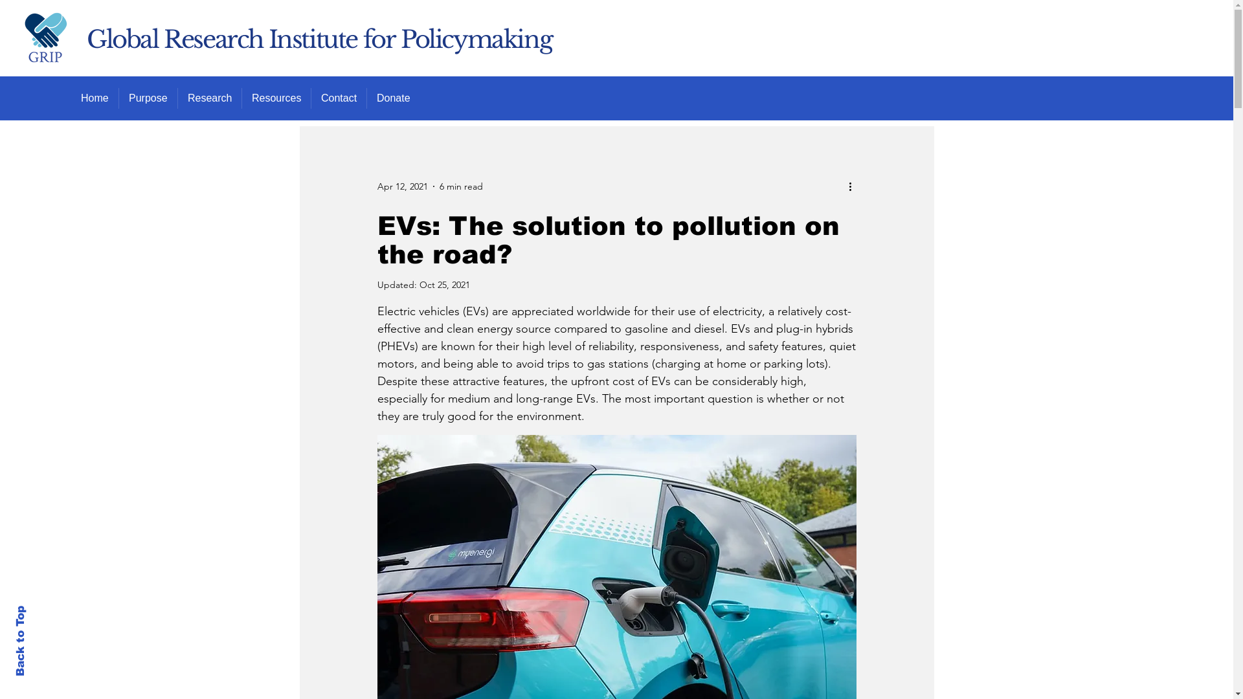 Image resolution: width=1243 pixels, height=699 pixels. What do you see at coordinates (339, 97) in the screenshot?
I see `'Contact'` at bounding box center [339, 97].